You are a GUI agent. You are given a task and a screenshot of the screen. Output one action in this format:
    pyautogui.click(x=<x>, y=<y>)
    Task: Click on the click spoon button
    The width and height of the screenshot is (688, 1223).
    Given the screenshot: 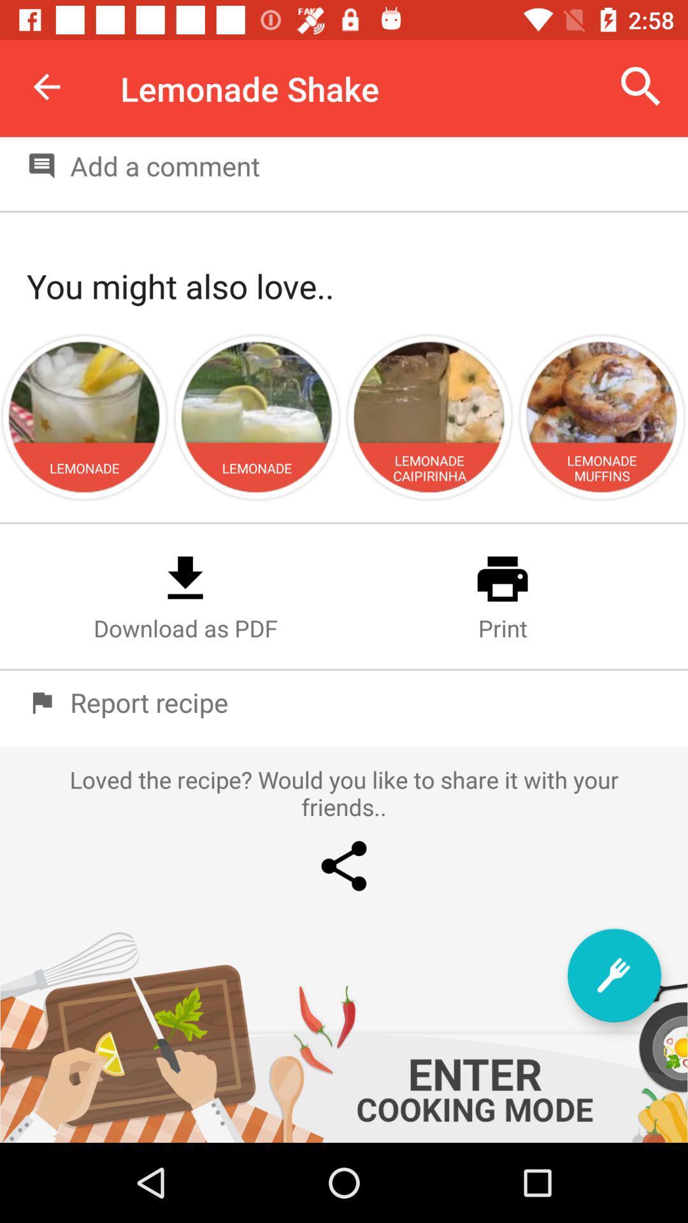 What is the action you would take?
    pyautogui.click(x=613, y=975)
    